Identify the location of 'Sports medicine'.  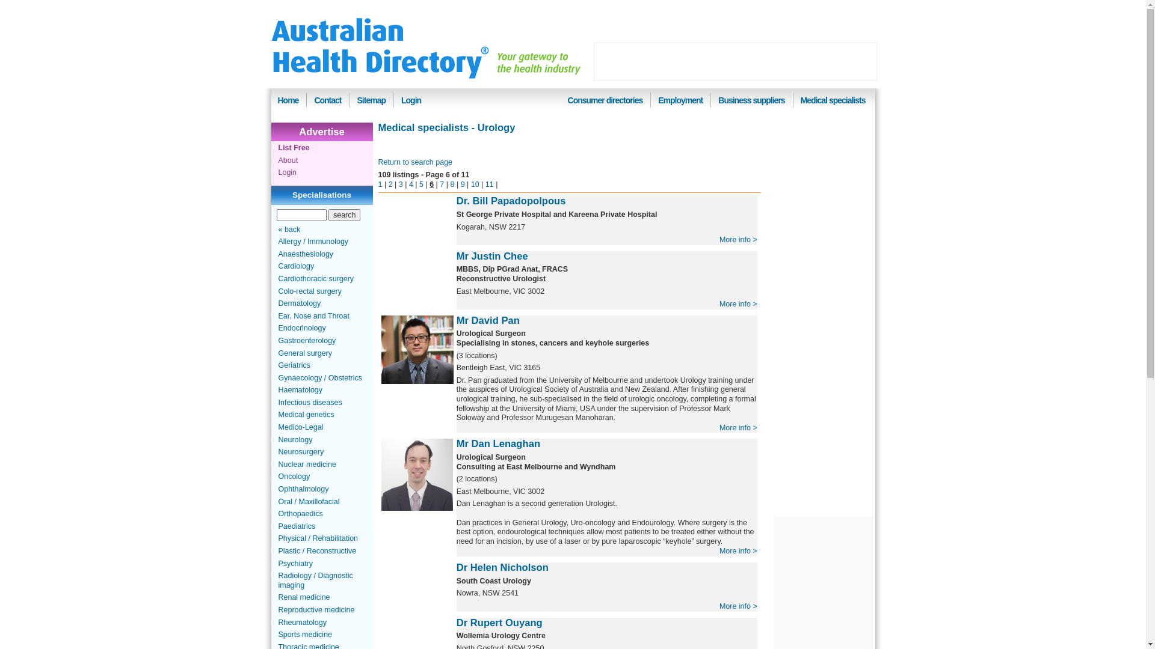
(305, 634).